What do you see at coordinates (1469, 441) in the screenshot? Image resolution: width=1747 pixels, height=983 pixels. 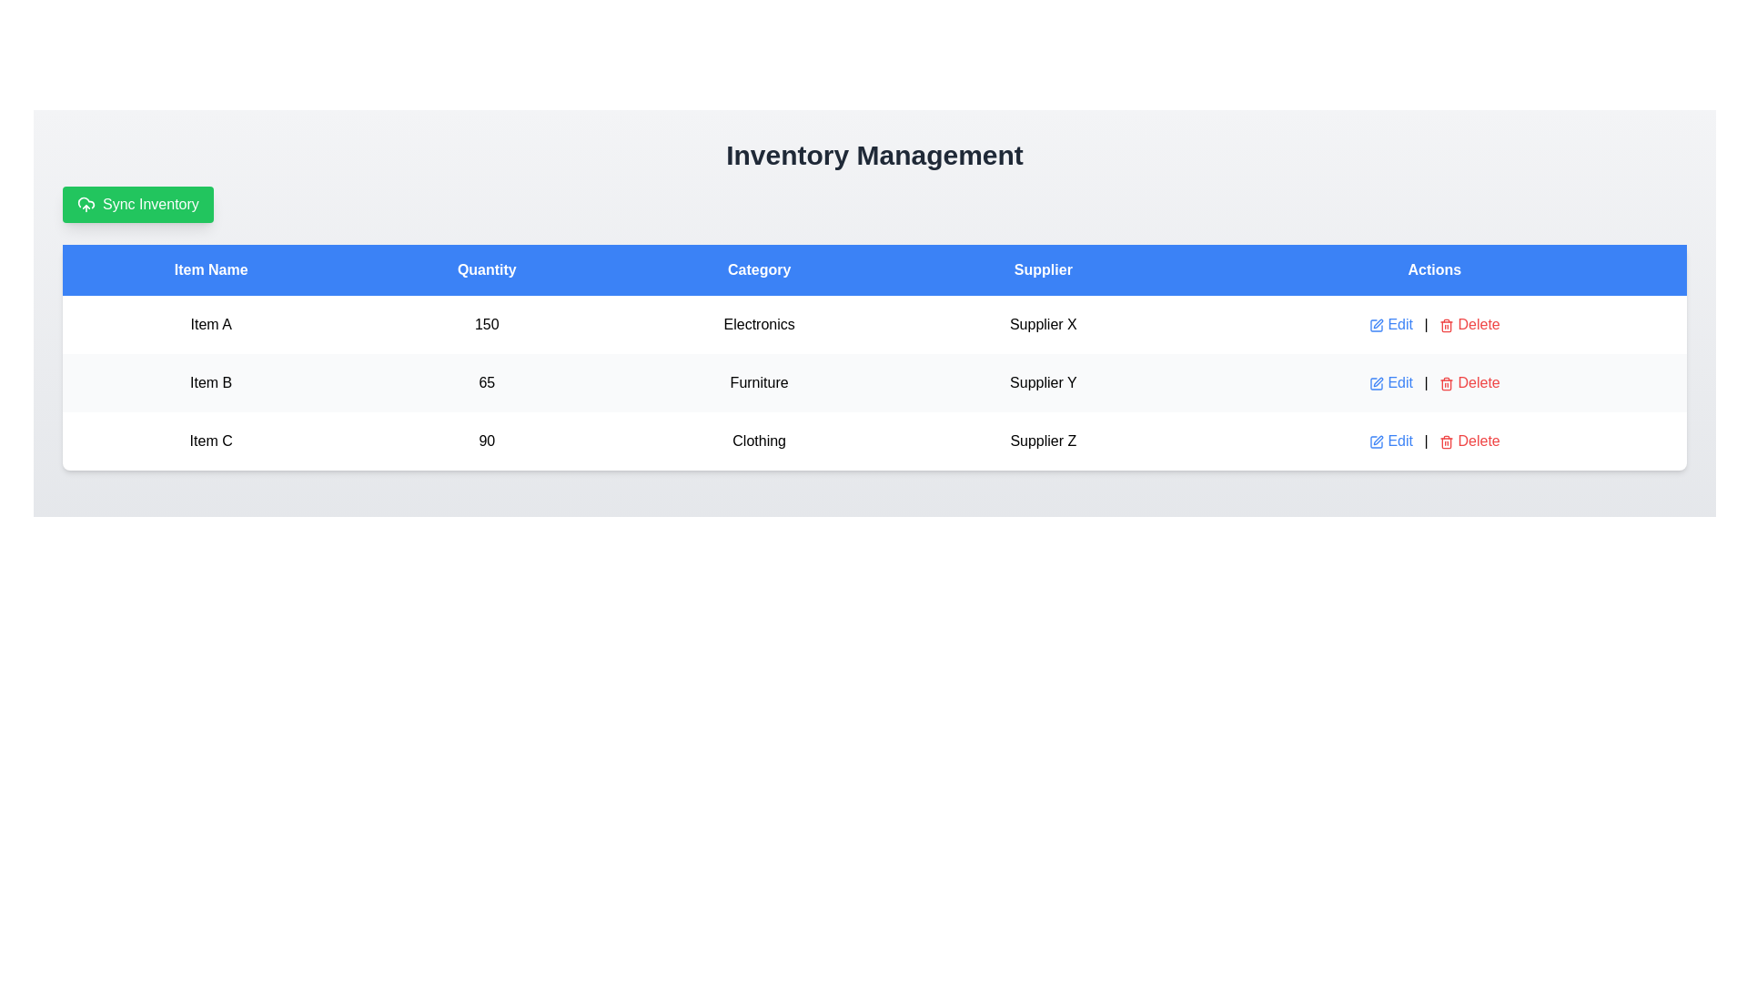 I see `the red 'Delete' link with a trash icon located in the 'Actions' column, positioned to the right of the 'Edit' link for 'Item C'` at bounding box center [1469, 441].